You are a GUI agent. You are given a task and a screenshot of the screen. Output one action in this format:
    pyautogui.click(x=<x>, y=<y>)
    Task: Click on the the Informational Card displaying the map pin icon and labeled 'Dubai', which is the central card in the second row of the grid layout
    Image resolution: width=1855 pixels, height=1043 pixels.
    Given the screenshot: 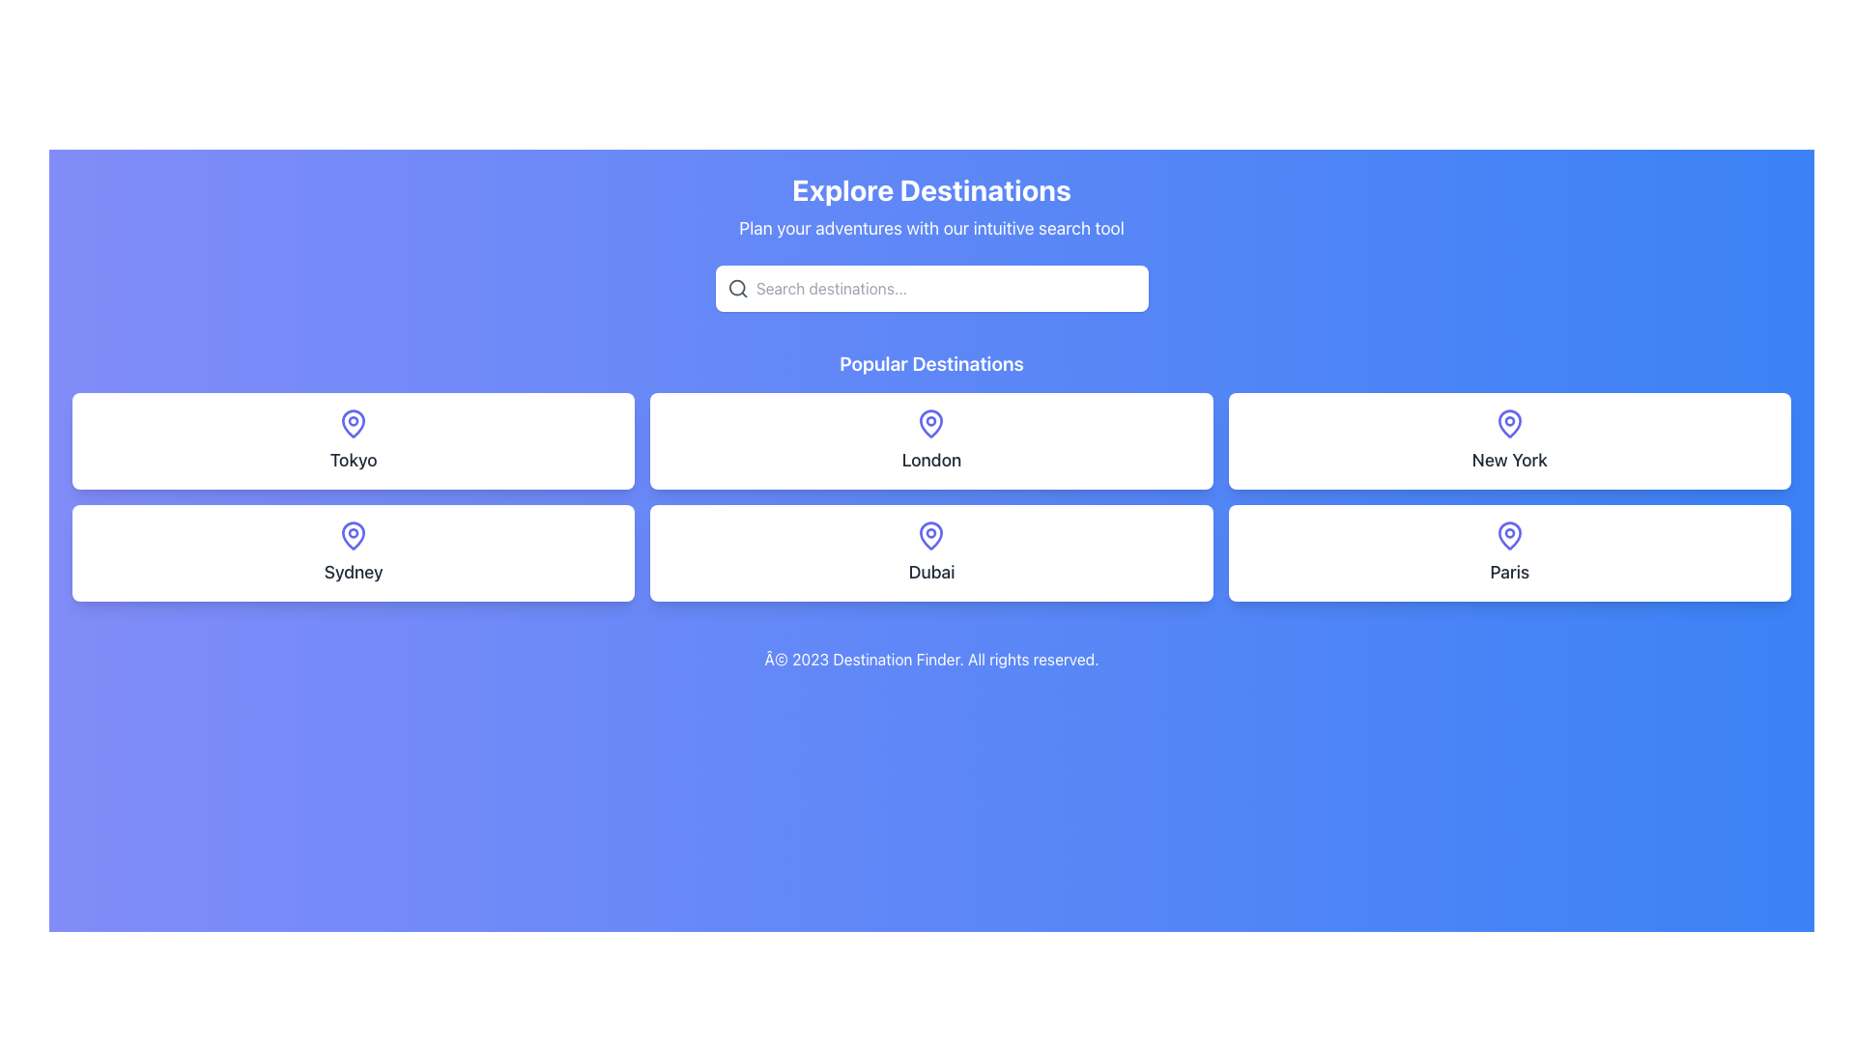 What is the action you would take?
    pyautogui.click(x=931, y=553)
    